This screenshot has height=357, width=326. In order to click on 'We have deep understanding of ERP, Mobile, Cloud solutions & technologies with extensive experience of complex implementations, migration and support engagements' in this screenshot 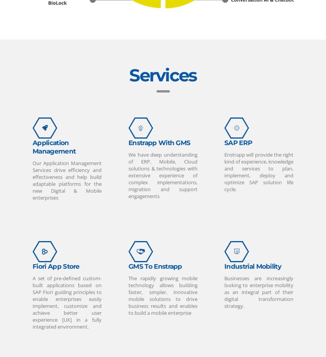, I will do `click(163, 175)`.